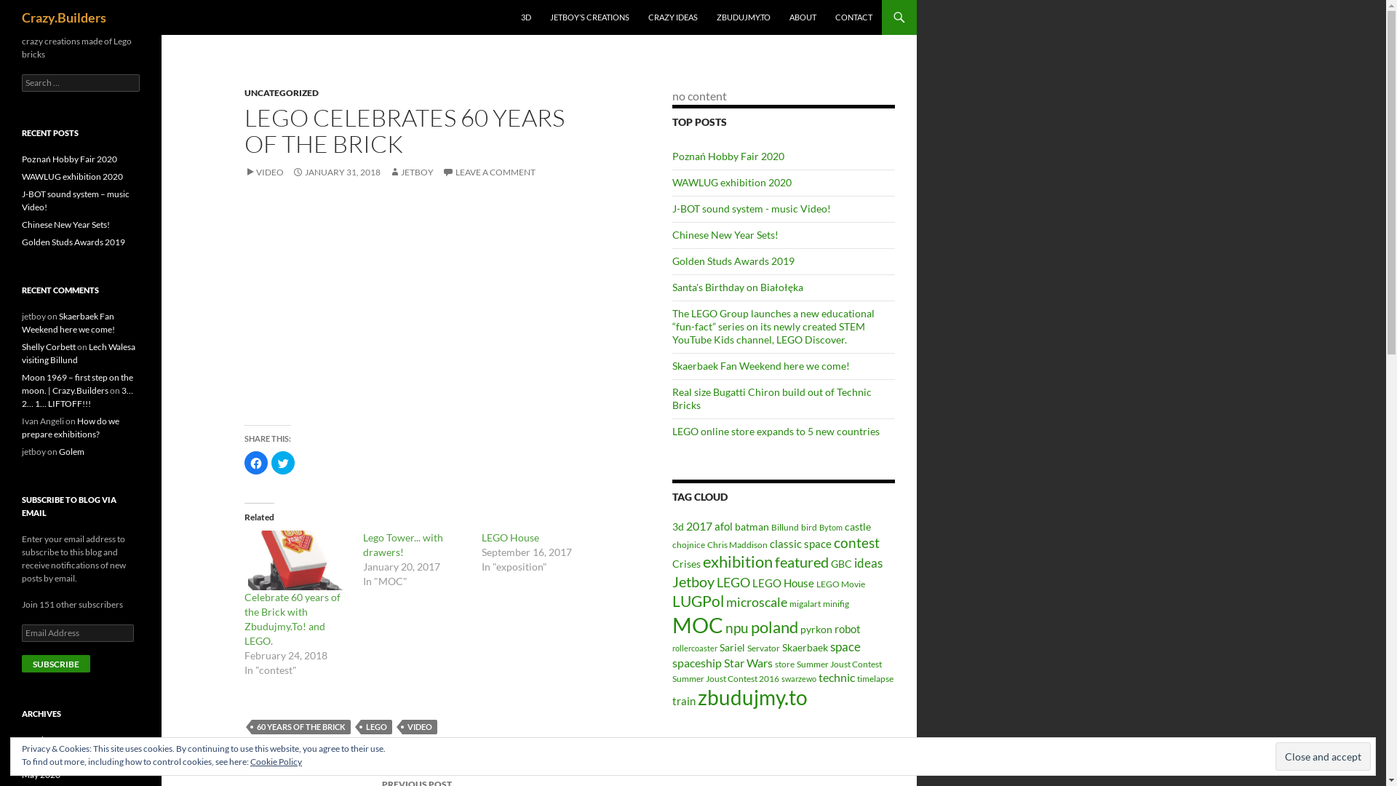 The height and width of the screenshot is (786, 1397). What do you see at coordinates (800, 527) in the screenshot?
I see `'bird'` at bounding box center [800, 527].